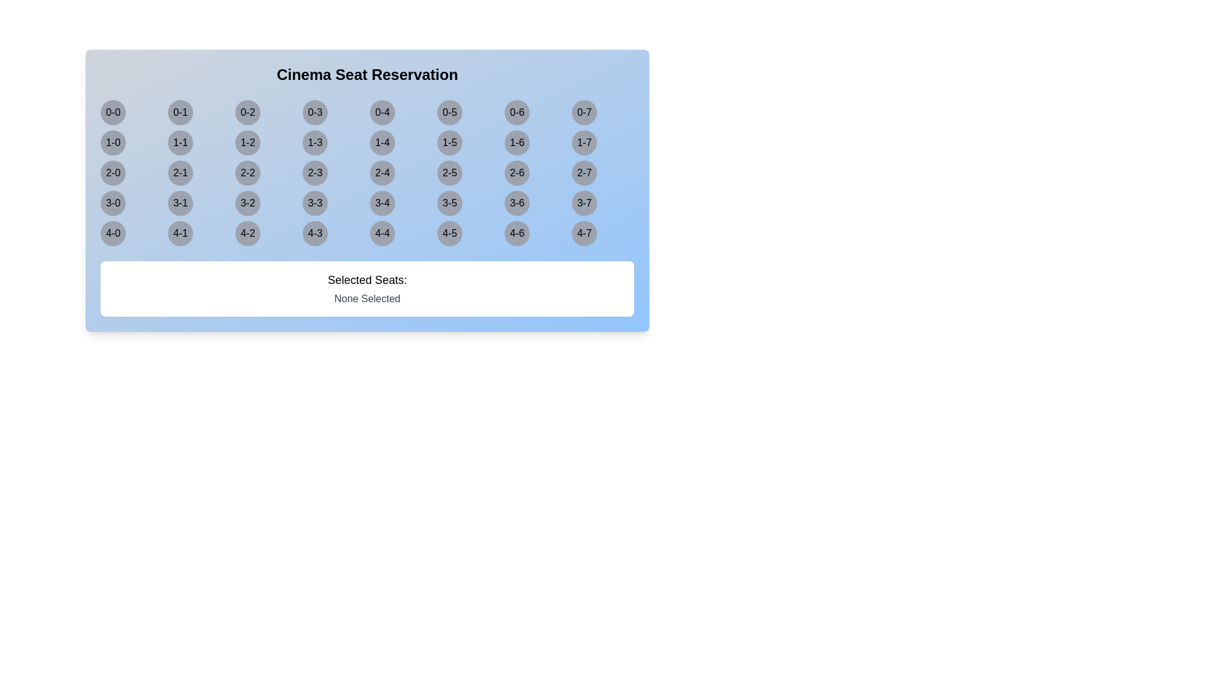 This screenshot has width=1208, height=680. I want to click on the circular button labeled '3-6' with a gray background, so click(517, 203).